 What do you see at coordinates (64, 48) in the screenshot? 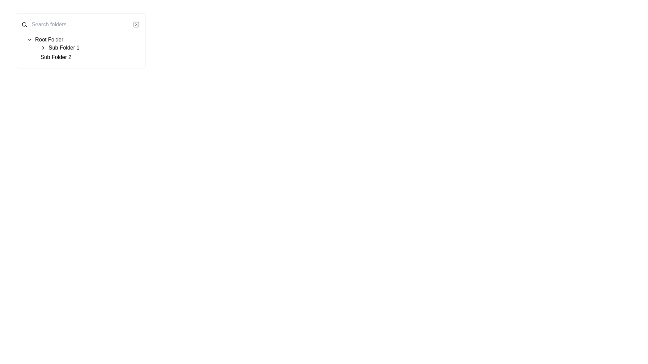
I see `the 'Sub Folder 1' label in the folder navigation panel` at bounding box center [64, 48].